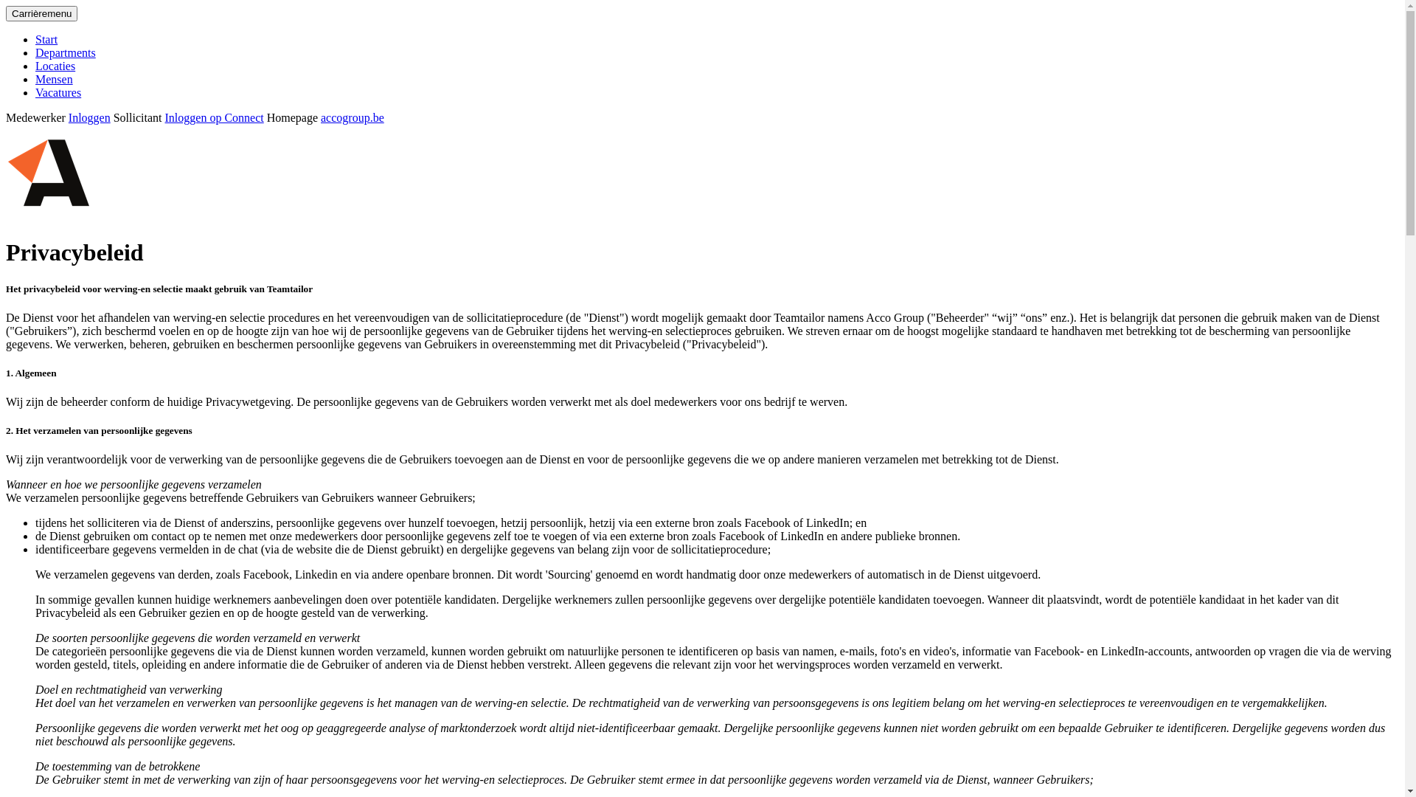 This screenshot has width=1416, height=797. Describe the element at coordinates (46, 38) in the screenshot. I see `'Start'` at that location.